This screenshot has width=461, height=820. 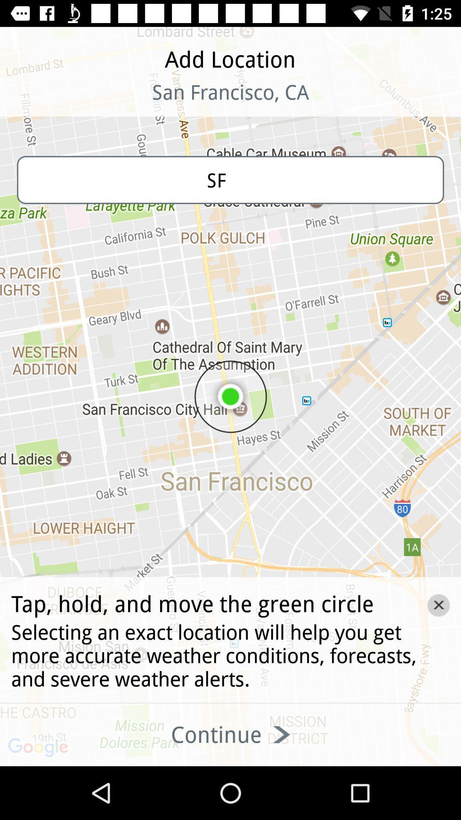 I want to click on the sf item, so click(x=230, y=179).